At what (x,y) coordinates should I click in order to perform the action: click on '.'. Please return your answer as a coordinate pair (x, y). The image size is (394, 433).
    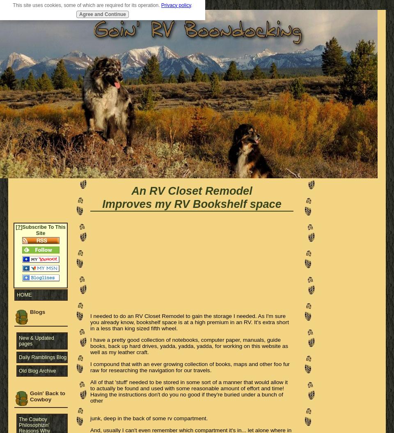
    Looking at the image, I should click on (191, 5).